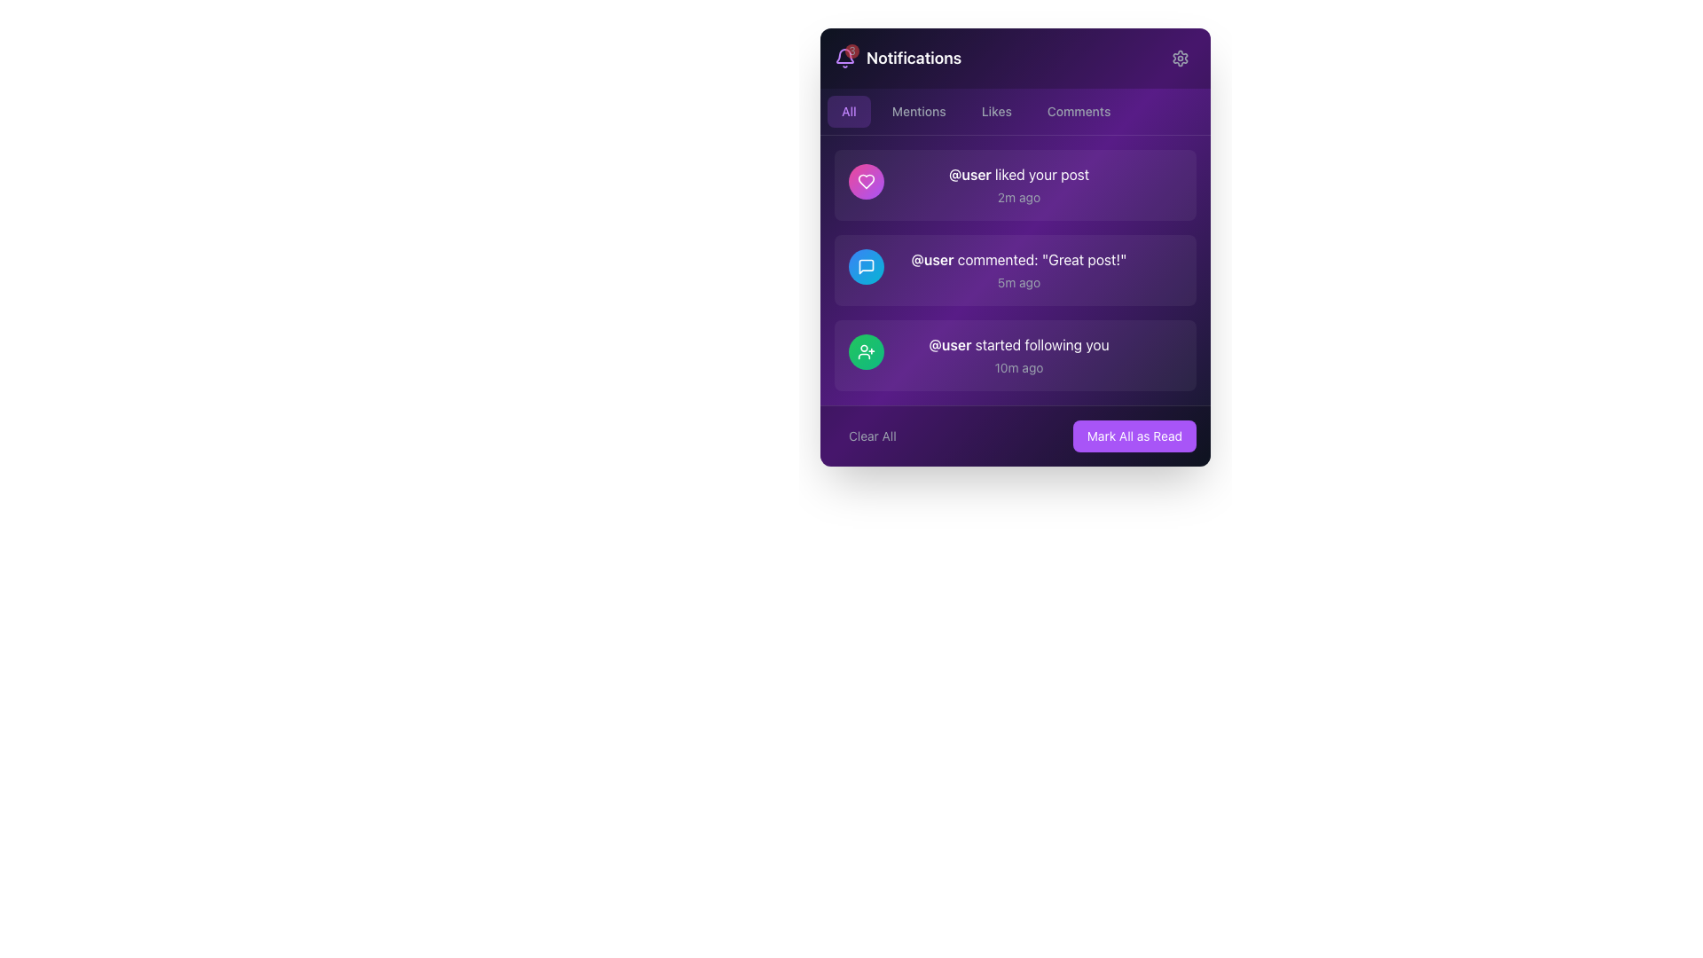 The image size is (1703, 958). What do you see at coordinates (914, 57) in the screenshot?
I see `text label displaying 'Notifications' in bold white font on a purple background to understand the section's purpose` at bounding box center [914, 57].